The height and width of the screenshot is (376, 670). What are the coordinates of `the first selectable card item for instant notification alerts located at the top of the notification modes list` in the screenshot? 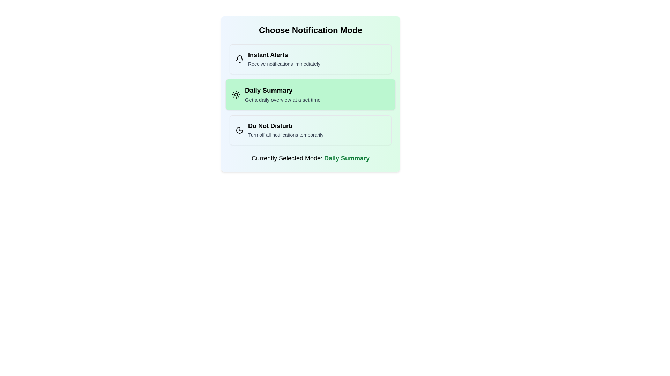 It's located at (310, 58).